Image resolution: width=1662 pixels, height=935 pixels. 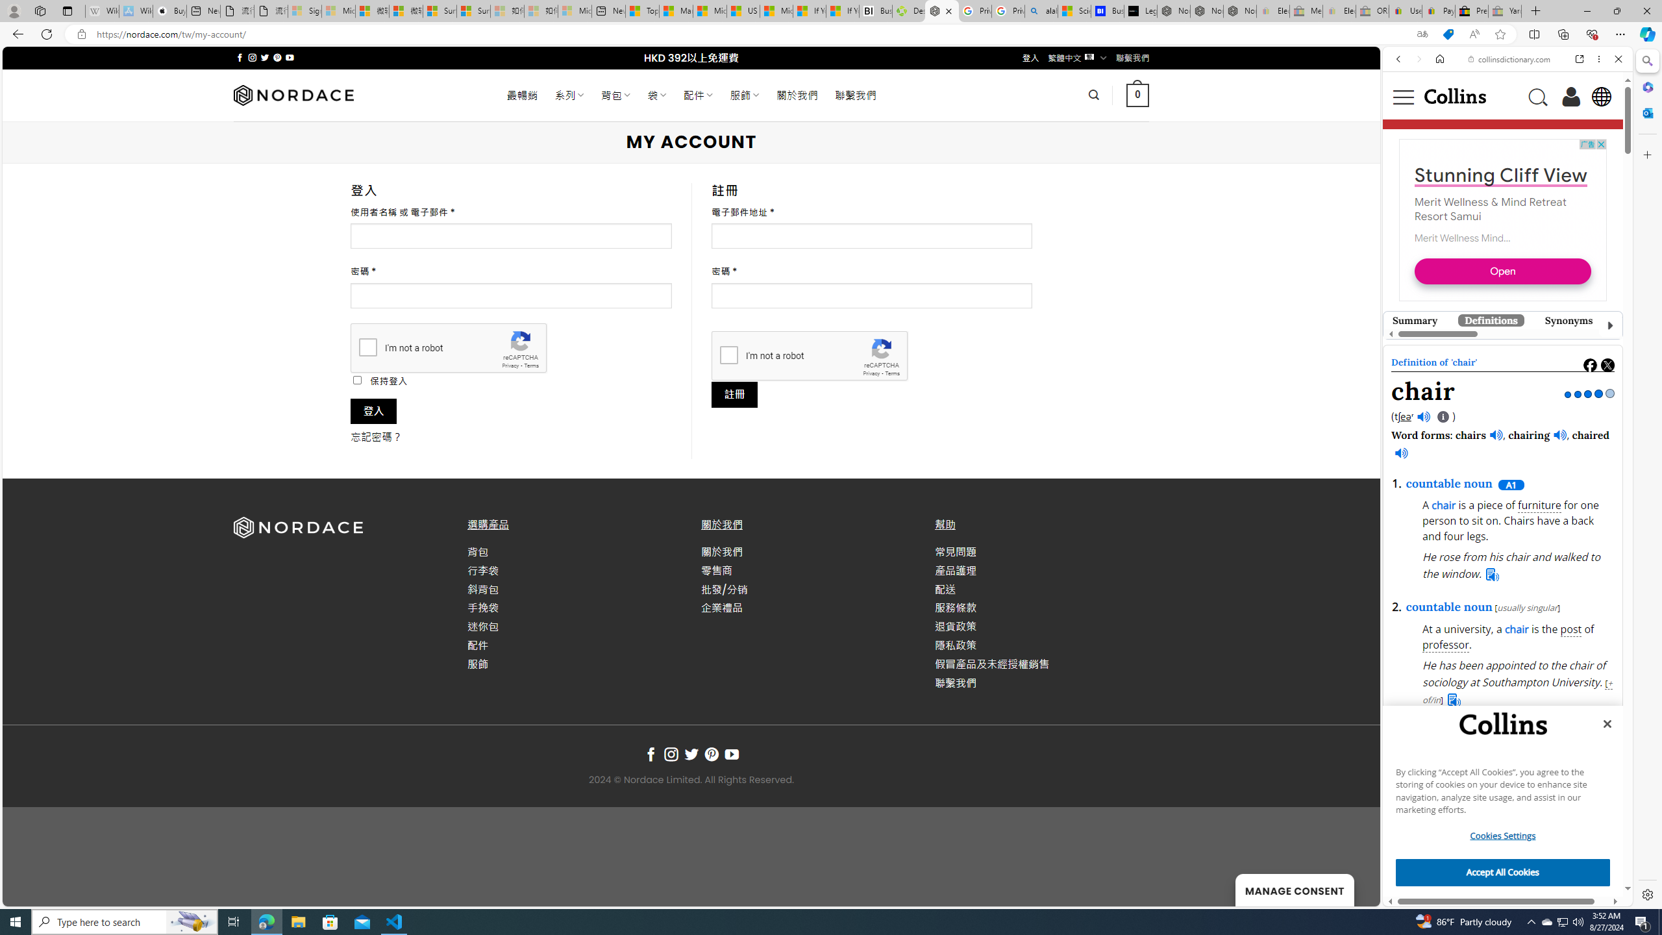 I want to click on 'Follow on Facebook', so click(x=651, y=754).